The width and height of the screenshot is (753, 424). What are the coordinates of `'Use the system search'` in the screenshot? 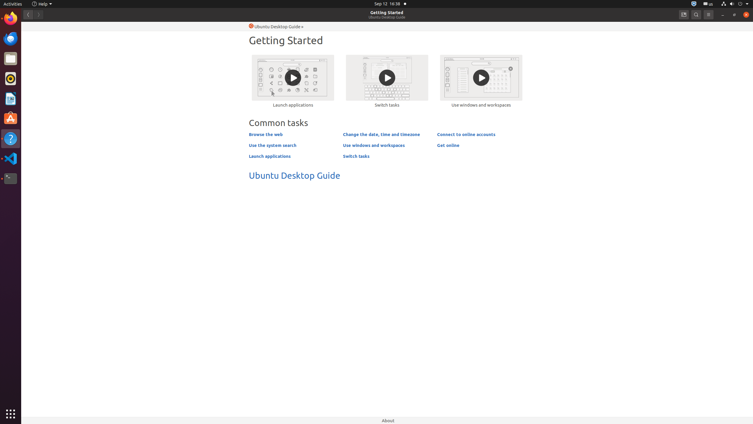 It's located at (272, 145).